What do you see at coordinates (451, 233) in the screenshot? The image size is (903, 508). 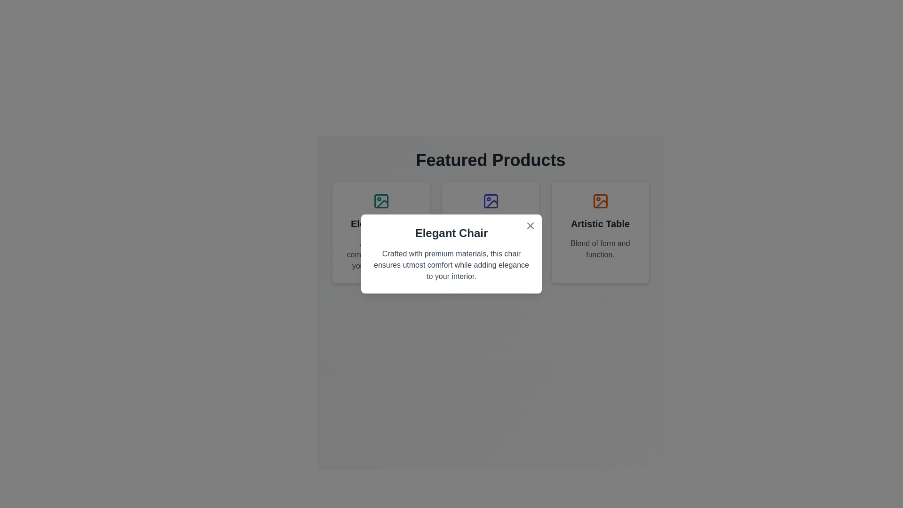 I see `the Text label that serves as the title for the dialog, positioned directly below the close button in the top-right corner` at bounding box center [451, 233].